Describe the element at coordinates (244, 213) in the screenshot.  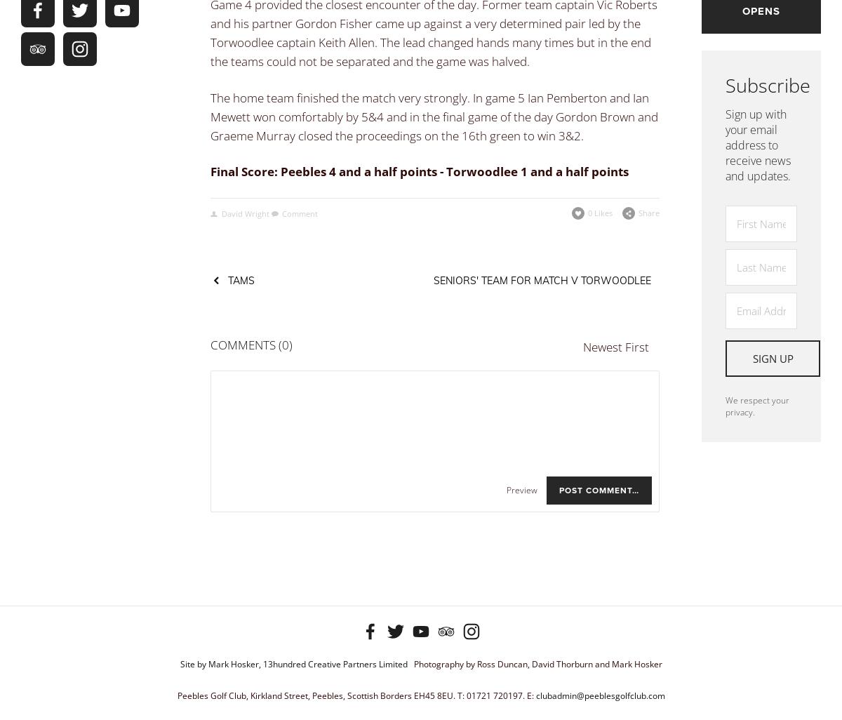
I see `'David Wright'` at that location.